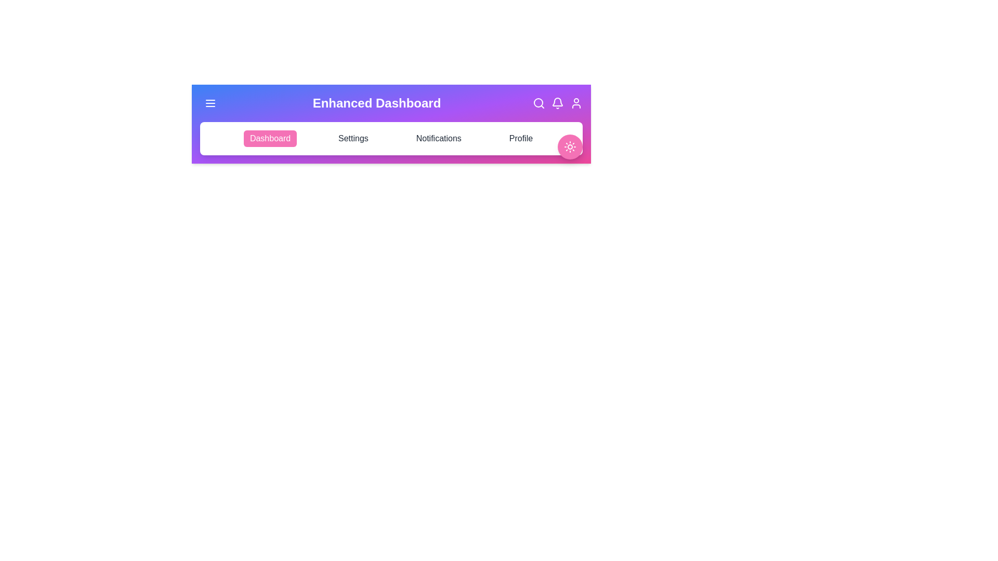  I want to click on the notifications icon in the top-right corner of the app bar, so click(557, 103).